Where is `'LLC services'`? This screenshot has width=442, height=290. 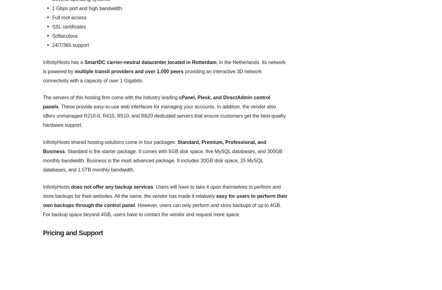 'LLC services' is located at coordinates (51, 113).